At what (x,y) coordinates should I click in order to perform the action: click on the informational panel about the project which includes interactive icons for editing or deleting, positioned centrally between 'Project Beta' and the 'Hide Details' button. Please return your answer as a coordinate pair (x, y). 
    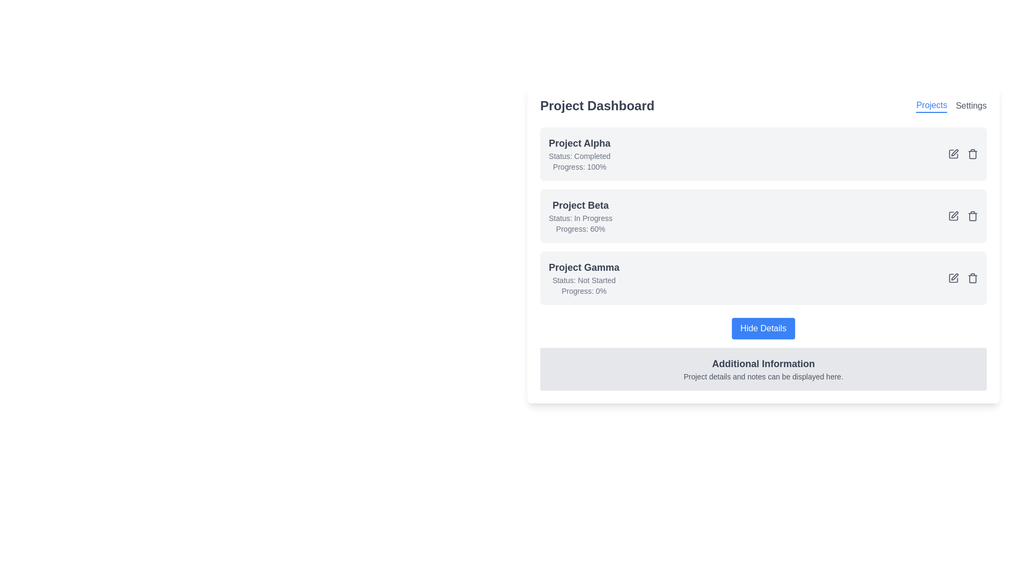
    Looking at the image, I should click on (762, 258).